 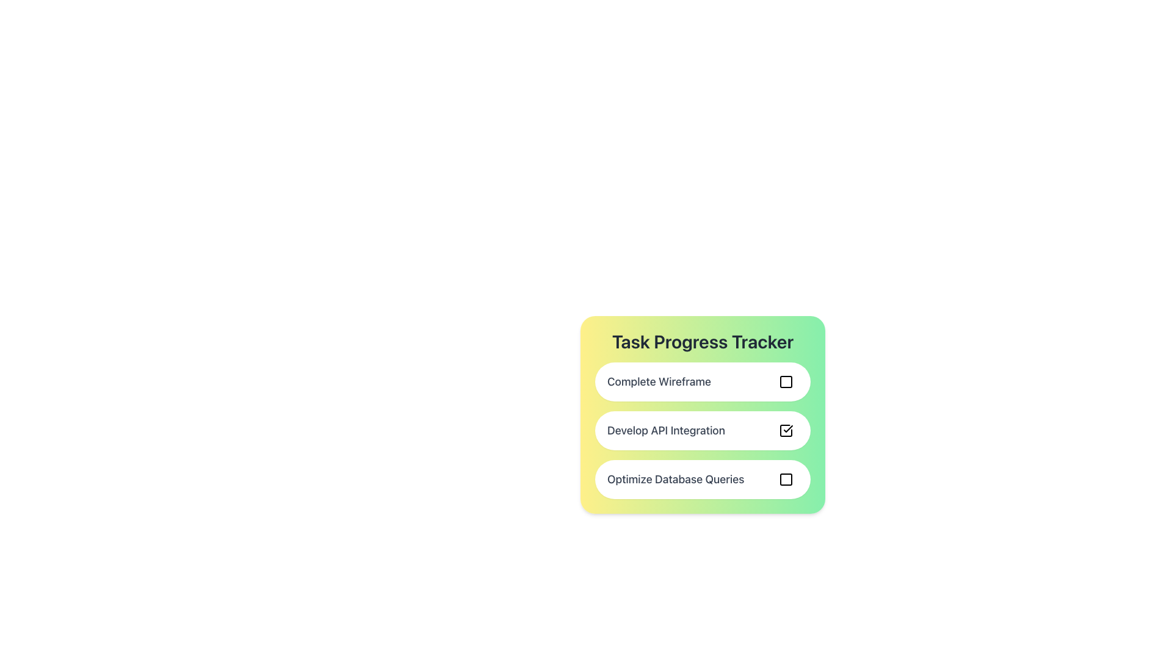 What do you see at coordinates (786, 430) in the screenshot?
I see `the checkbox with a bold black tick mark inside, located to the right of the label 'Develop API Integration' in the 'Task Progress Tracker' list` at bounding box center [786, 430].